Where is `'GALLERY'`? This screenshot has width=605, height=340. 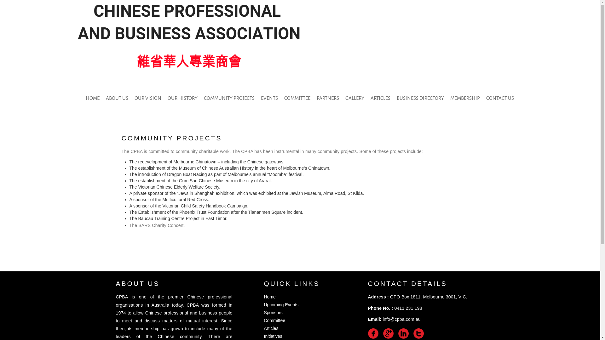
'GALLERY' is located at coordinates (342, 98).